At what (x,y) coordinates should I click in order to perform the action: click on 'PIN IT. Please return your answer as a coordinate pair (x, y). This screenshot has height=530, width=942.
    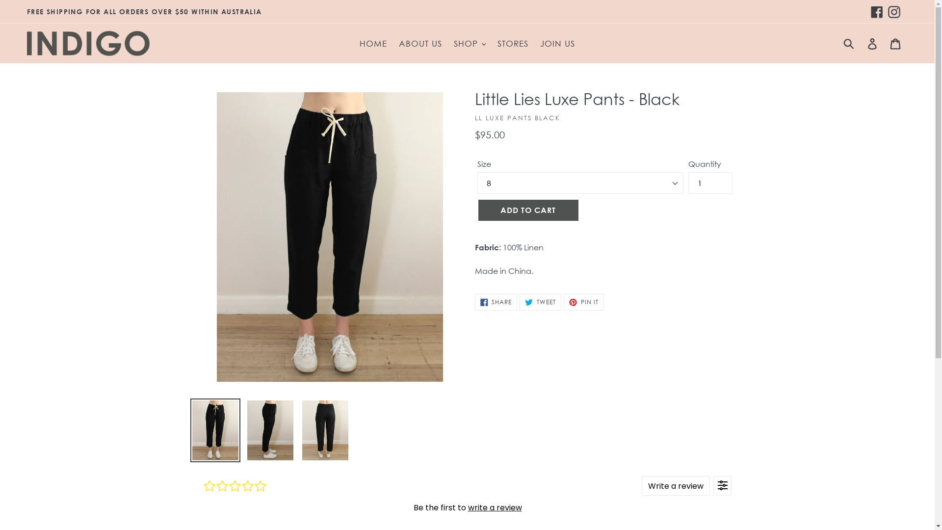
    Looking at the image, I should click on (584, 302).